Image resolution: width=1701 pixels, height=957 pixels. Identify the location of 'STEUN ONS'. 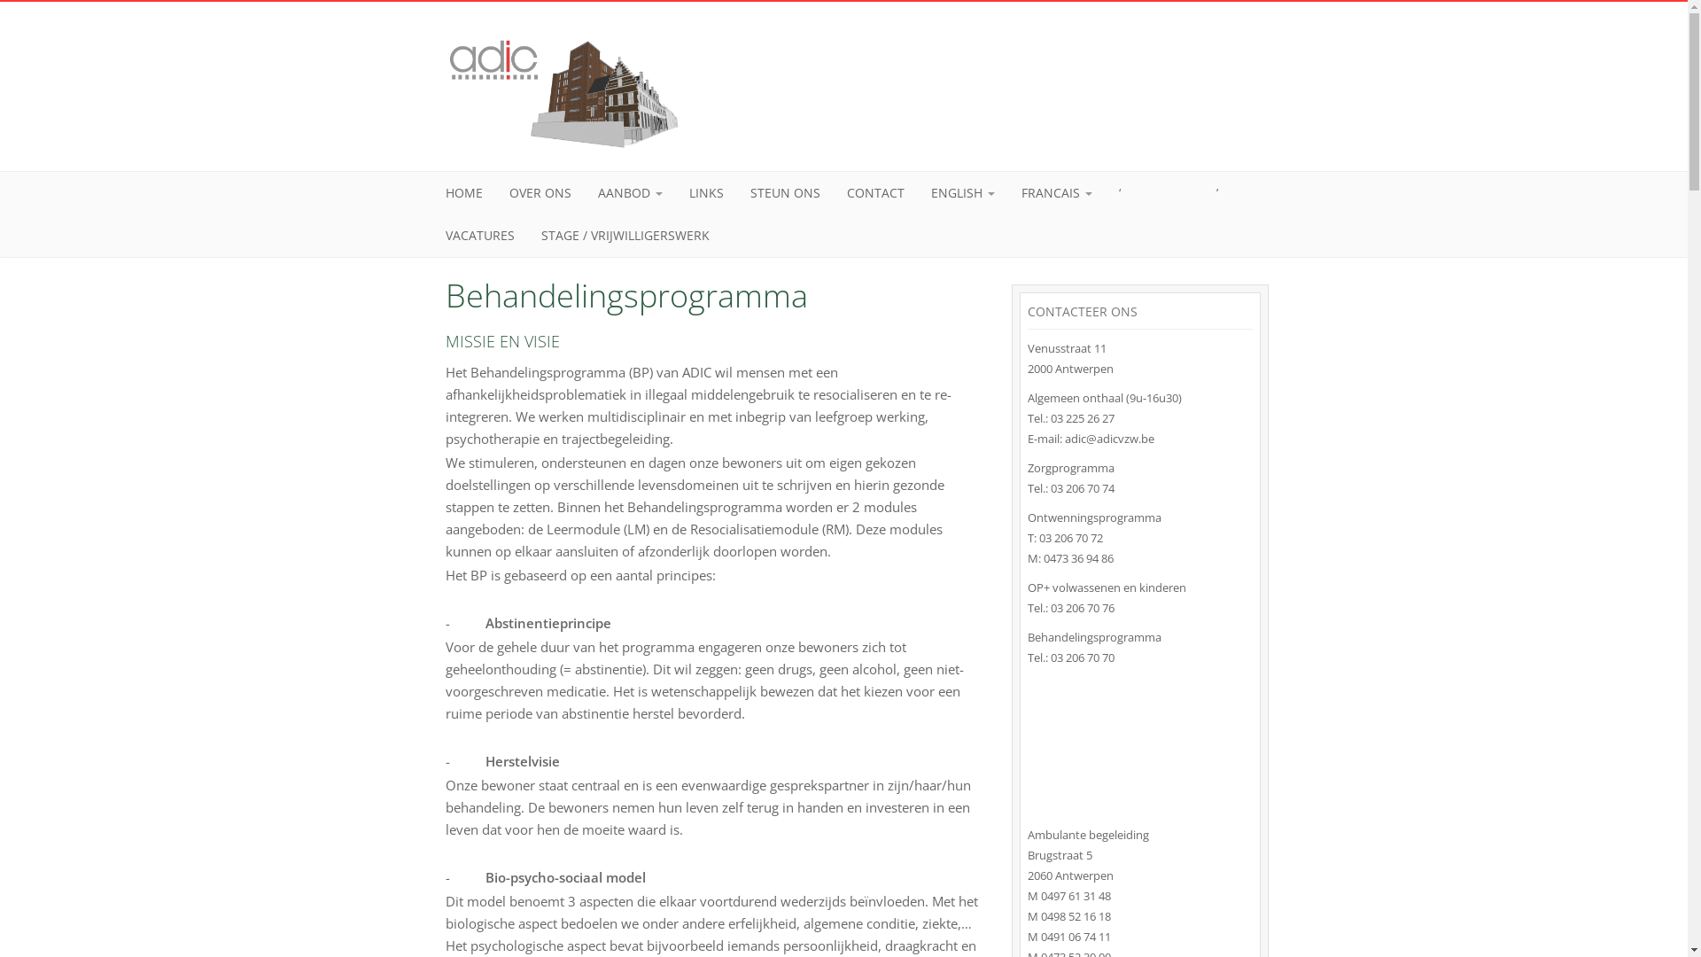
(784, 193).